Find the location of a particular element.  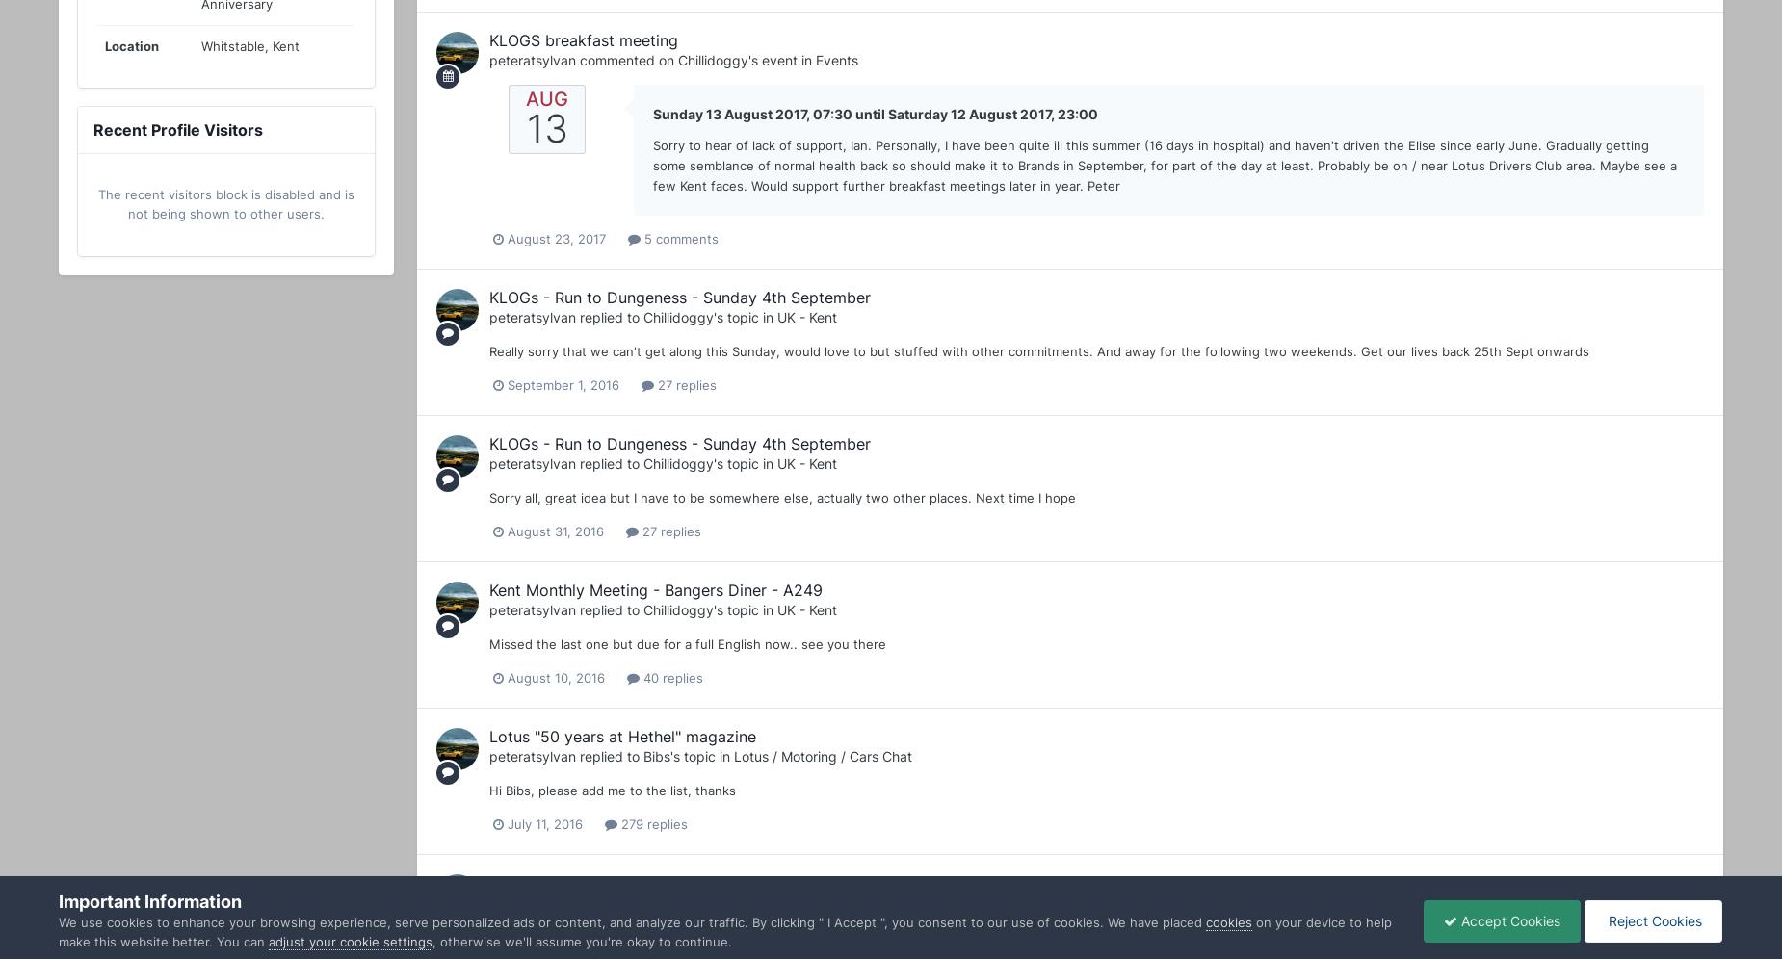

''s event in' is located at coordinates (781, 59).